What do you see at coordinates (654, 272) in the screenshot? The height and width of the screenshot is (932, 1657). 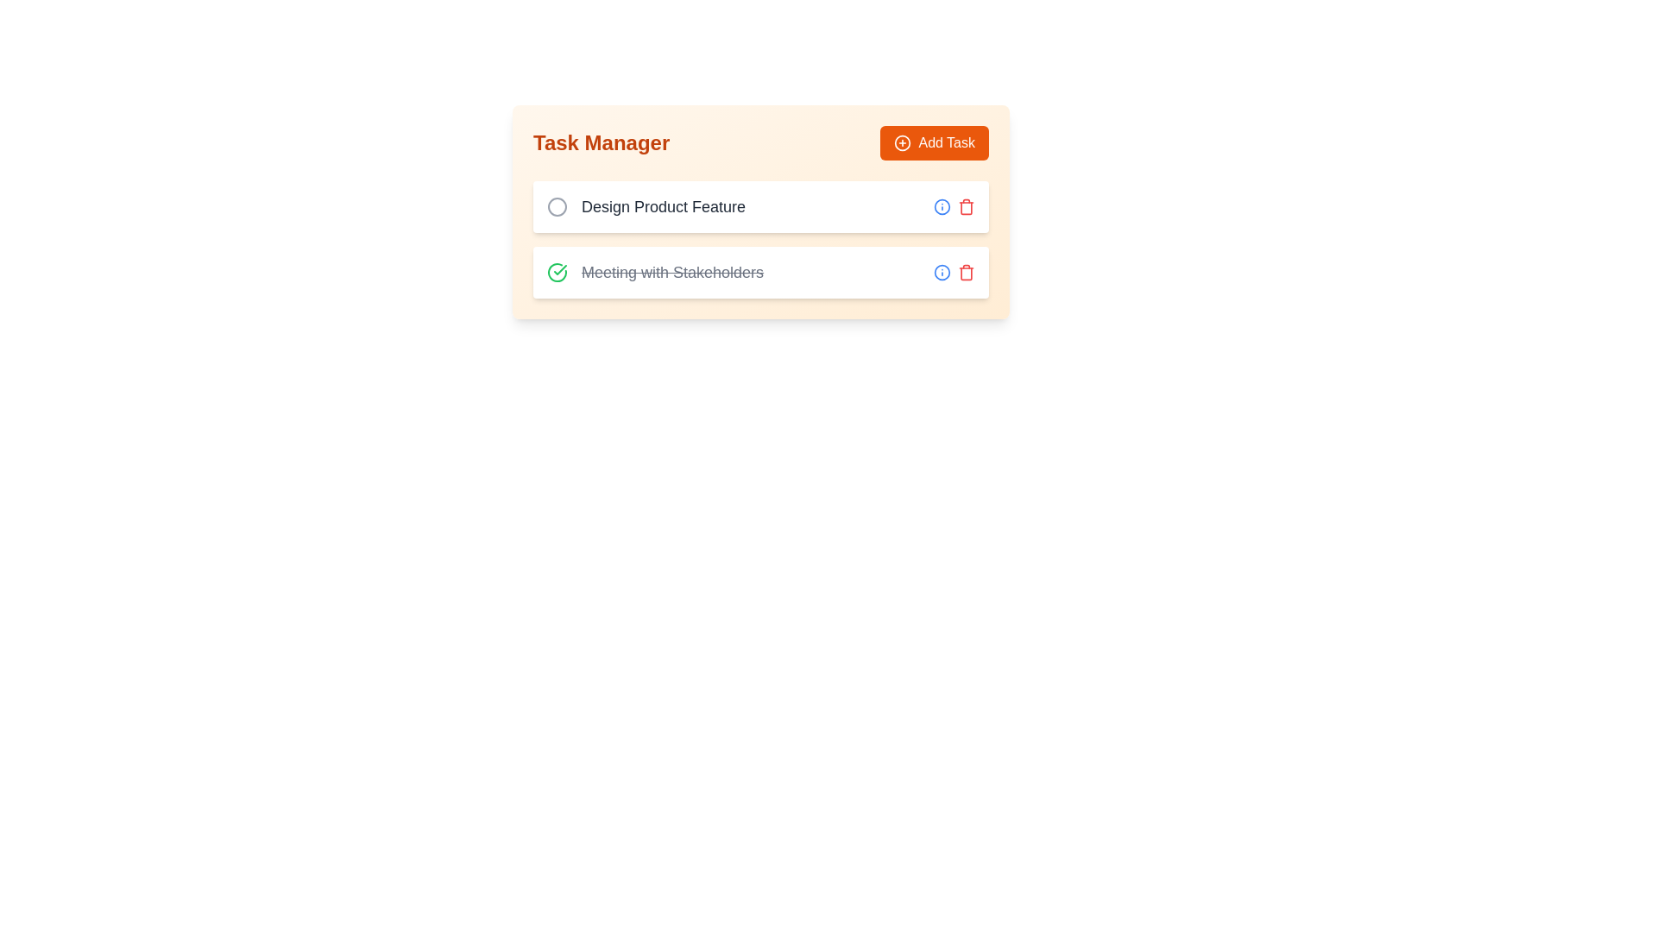 I see `the text label 'Meeting with Stakeholders' which has a strikethrough style to view options` at bounding box center [654, 272].